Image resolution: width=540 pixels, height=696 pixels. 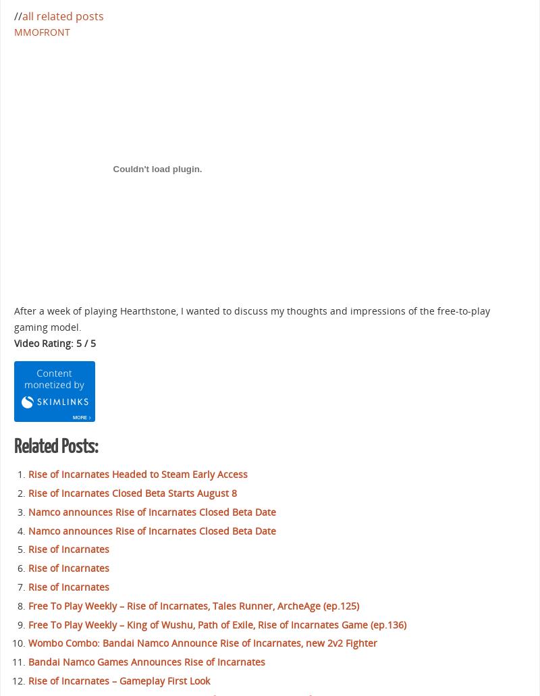 What do you see at coordinates (194, 605) in the screenshot?
I see `'Free To Play Weekly – Rise of Incarnates, Tales Runner, ArcheAge (ep.125)'` at bounding box center [194, 605].